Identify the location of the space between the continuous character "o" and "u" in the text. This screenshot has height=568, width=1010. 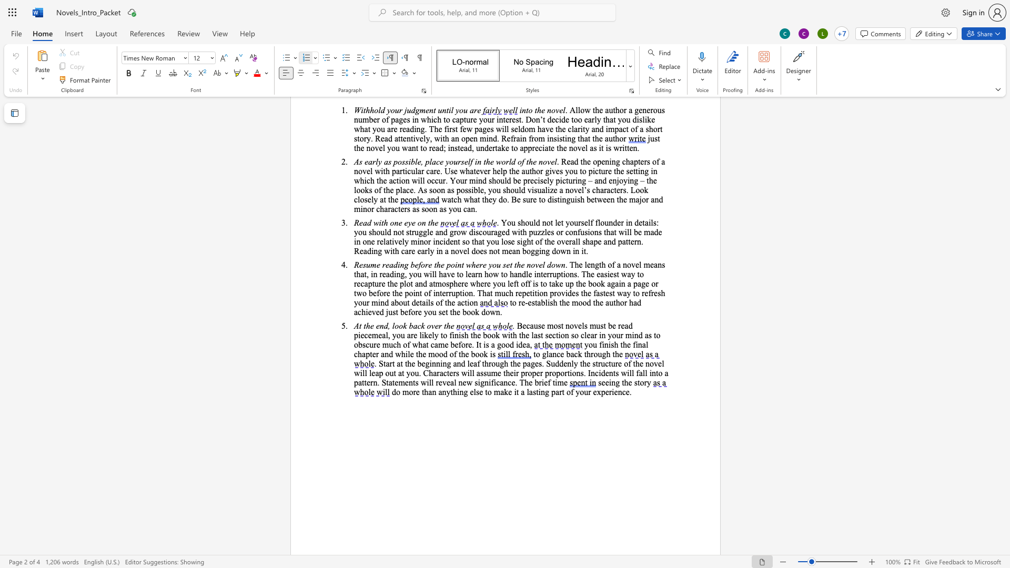
(593, 344).